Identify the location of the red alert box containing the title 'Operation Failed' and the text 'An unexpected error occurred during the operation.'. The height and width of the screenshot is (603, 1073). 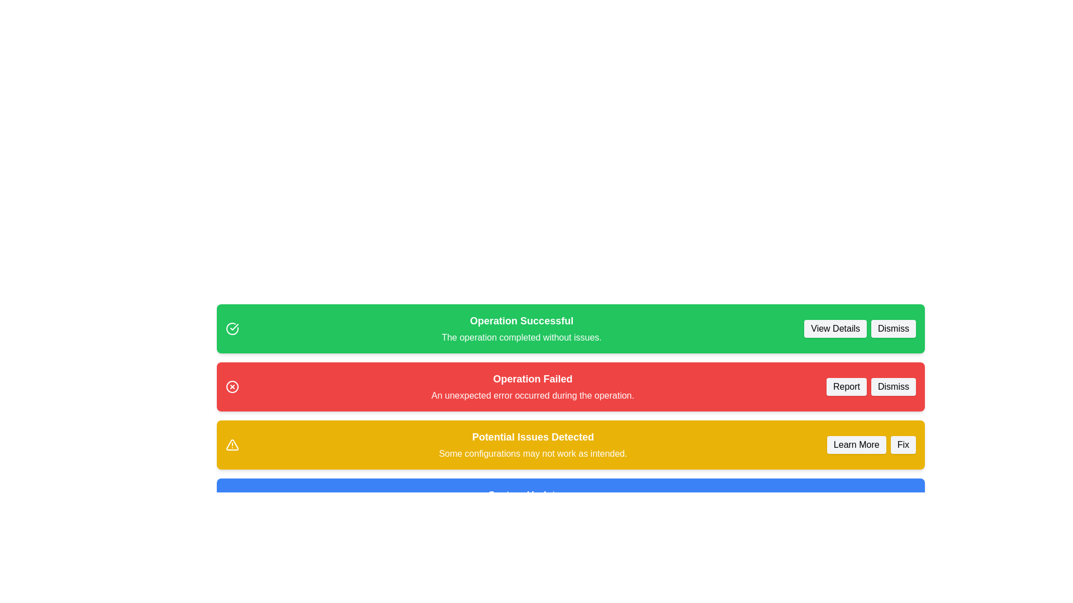
(532, 386).